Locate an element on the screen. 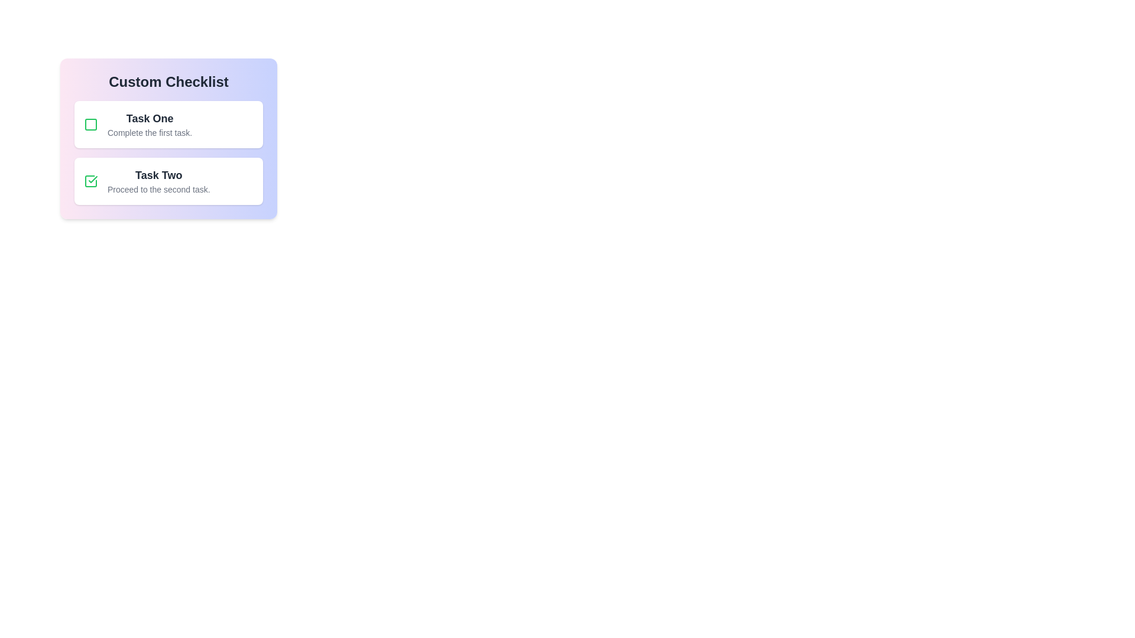  text label that displays 'Task Two' in a bold and large font, styled with a dark gray color, which is centrally aligned and located below the 'Task One' section is located at coordinates (158, 175).